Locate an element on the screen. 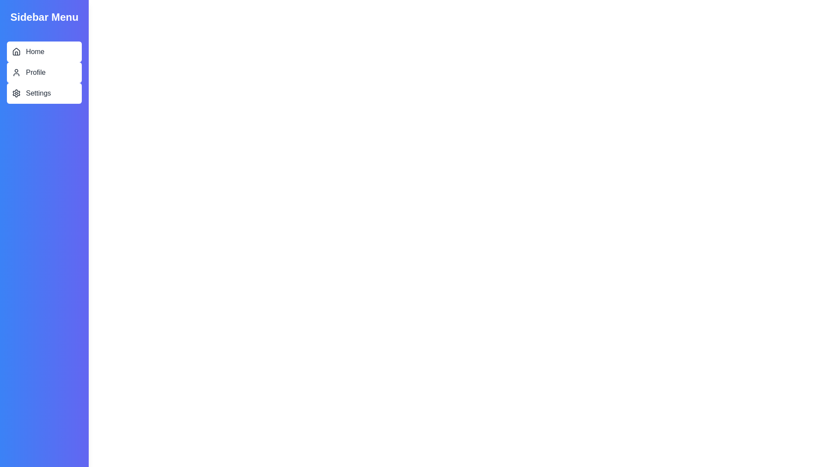 This screenshot has width=831, height=467. the navigational button in the sidebar menu that redirects to the home page or dashboard is located at coordinates (44, 51).